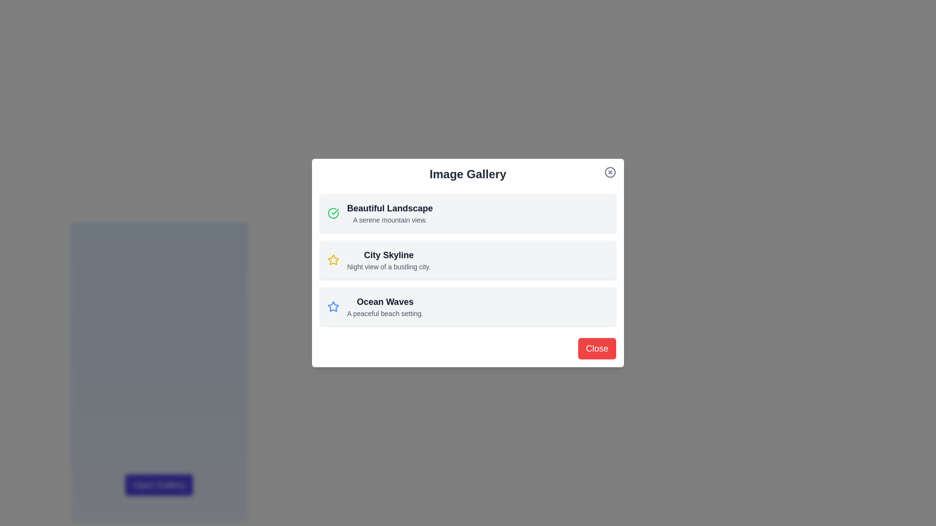  What do you see at coordinates (333, 306) in the screenshot?
I see `the star icon representing the 'favorite' status for the last list item titled 'Ocean Waves', positioned to the leftmost side of its row` at bounding box center [333, 306].